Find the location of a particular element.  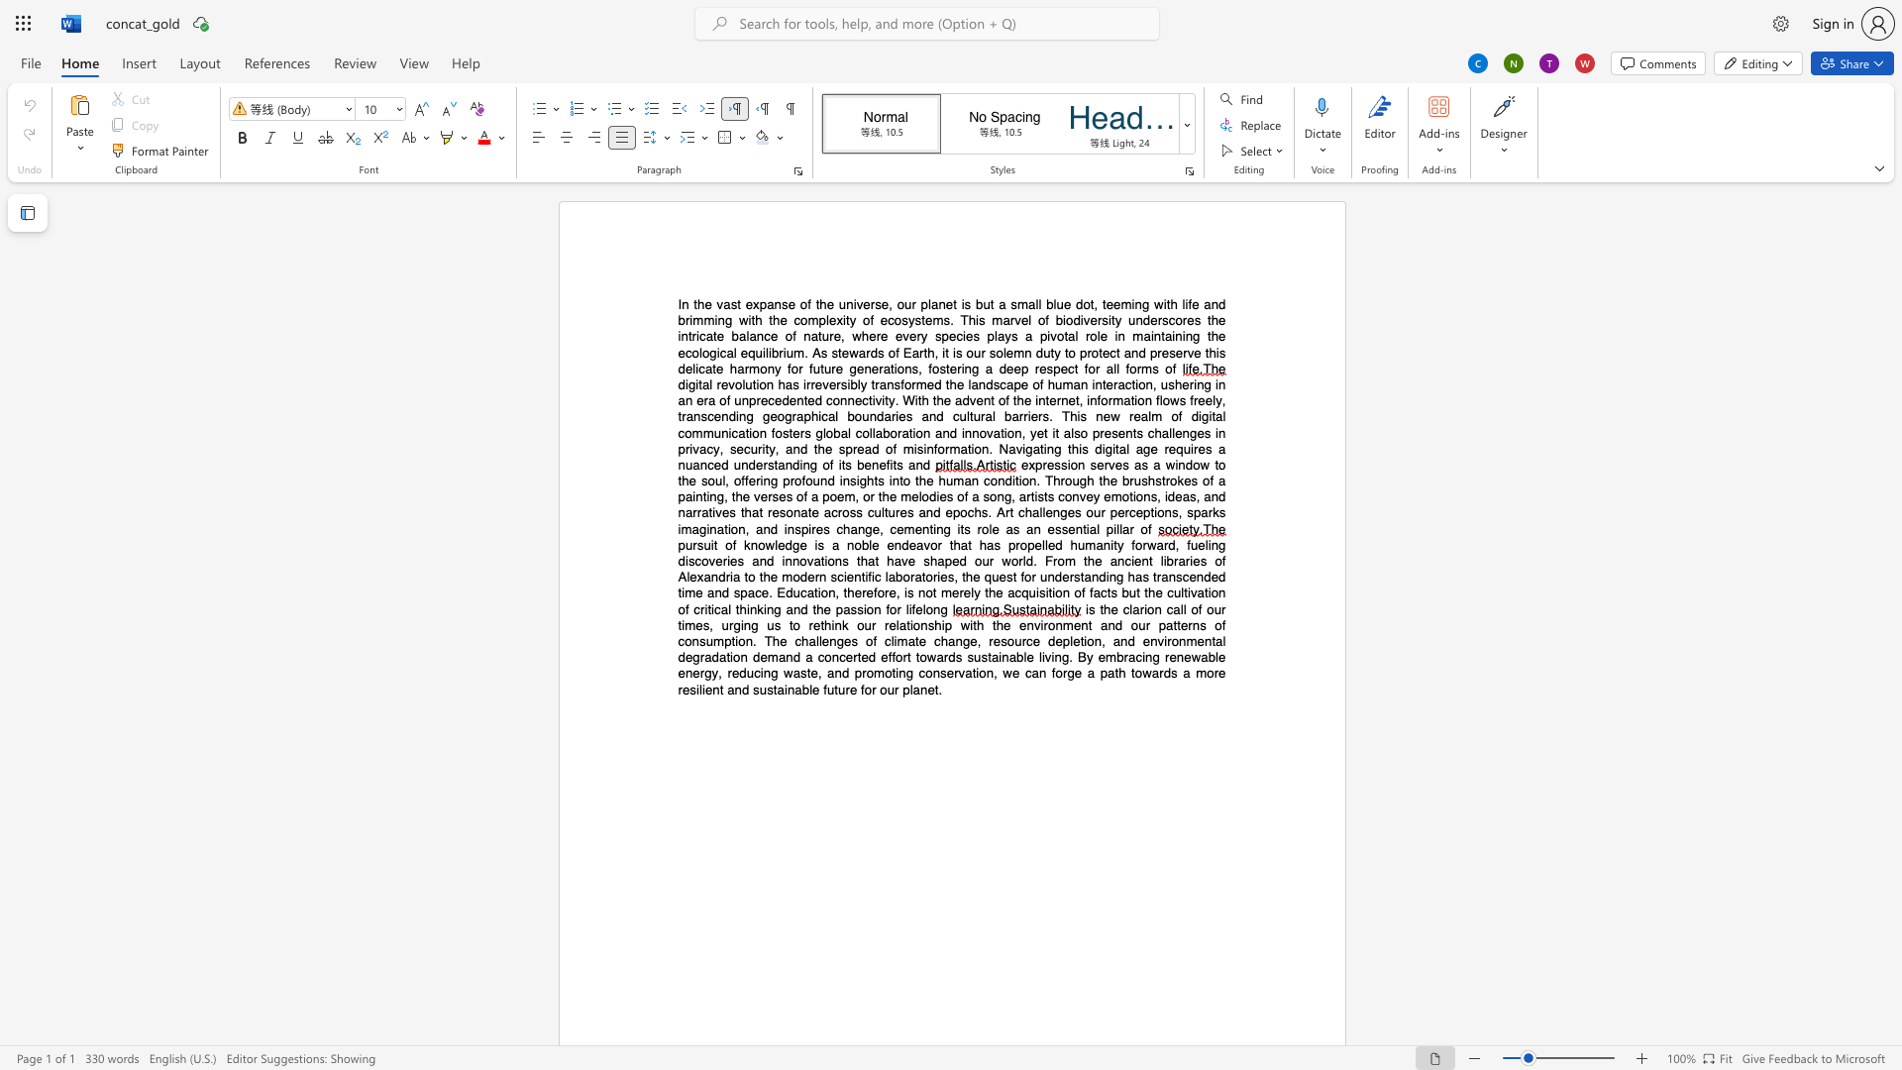

the 10th character "i" in the text is located at coordinates (963, 369).